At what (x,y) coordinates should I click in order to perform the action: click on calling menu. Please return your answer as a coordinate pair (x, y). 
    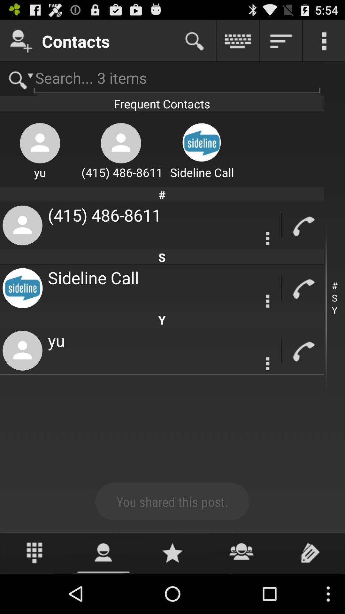
    Looking at the image, I should click on (268, 238).